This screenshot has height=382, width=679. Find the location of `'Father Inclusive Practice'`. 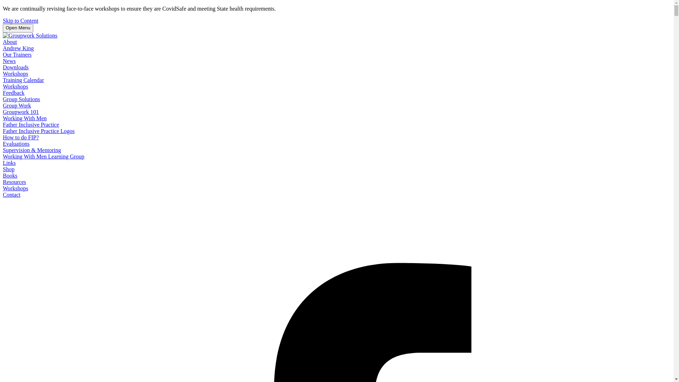

'Father Inclusive Practice' is located at coordinates (30, 124).